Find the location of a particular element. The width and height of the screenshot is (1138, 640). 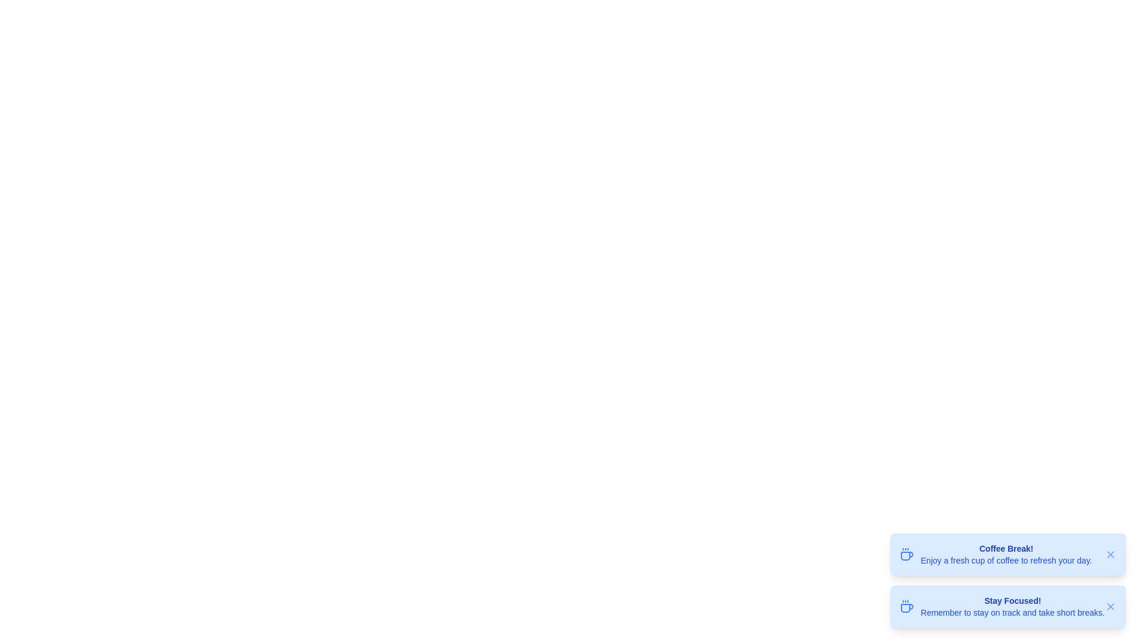

the close button of the message titled 'Stay Focused!' to dismiss it is located at coordinates (1110, 606).